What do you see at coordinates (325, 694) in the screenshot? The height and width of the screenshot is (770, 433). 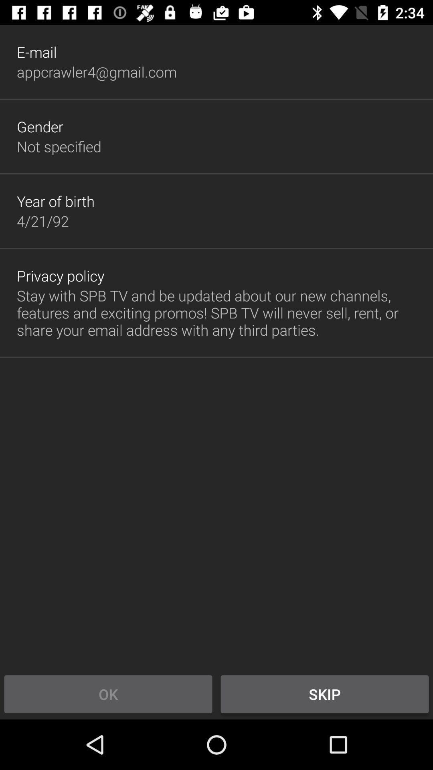 I see `the skip item` at bounding box center [325, 694].